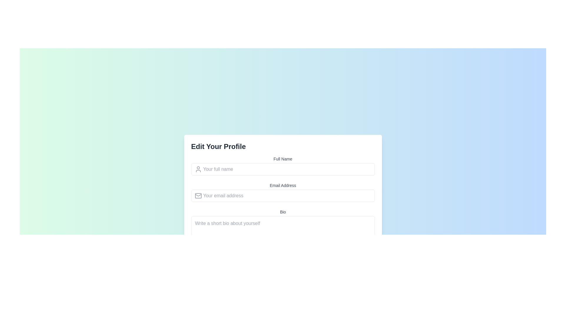 The width and height of the screenshot is (565, 318). Describe the element at coordinates (283, 158) in the screenshot. I see `the label indicating the input field for entering the user's full name, which is positioned above the input field with the placeholder 'Your full name' in the 'Edit Your Profile' modal` at that location.